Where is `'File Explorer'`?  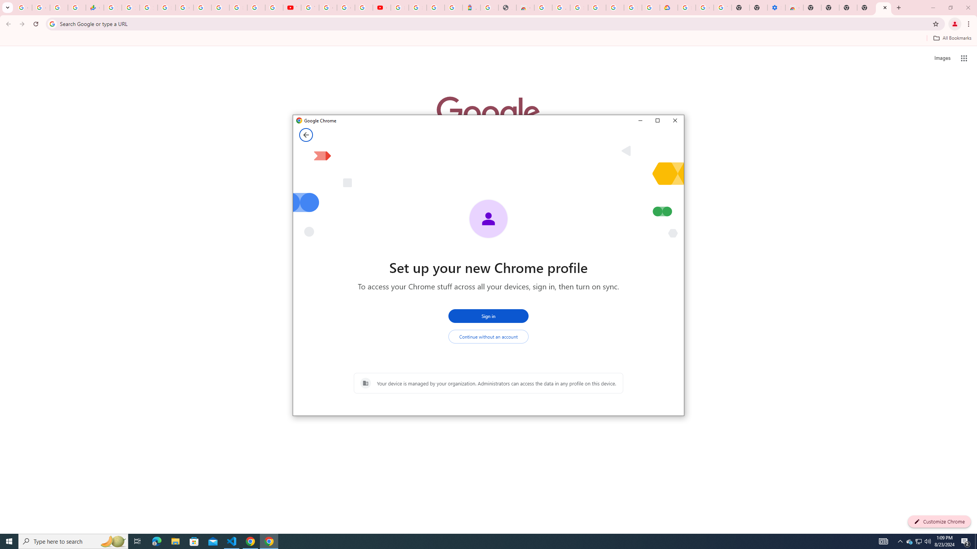
'File Explorer' is located at coordinates (175, 541).